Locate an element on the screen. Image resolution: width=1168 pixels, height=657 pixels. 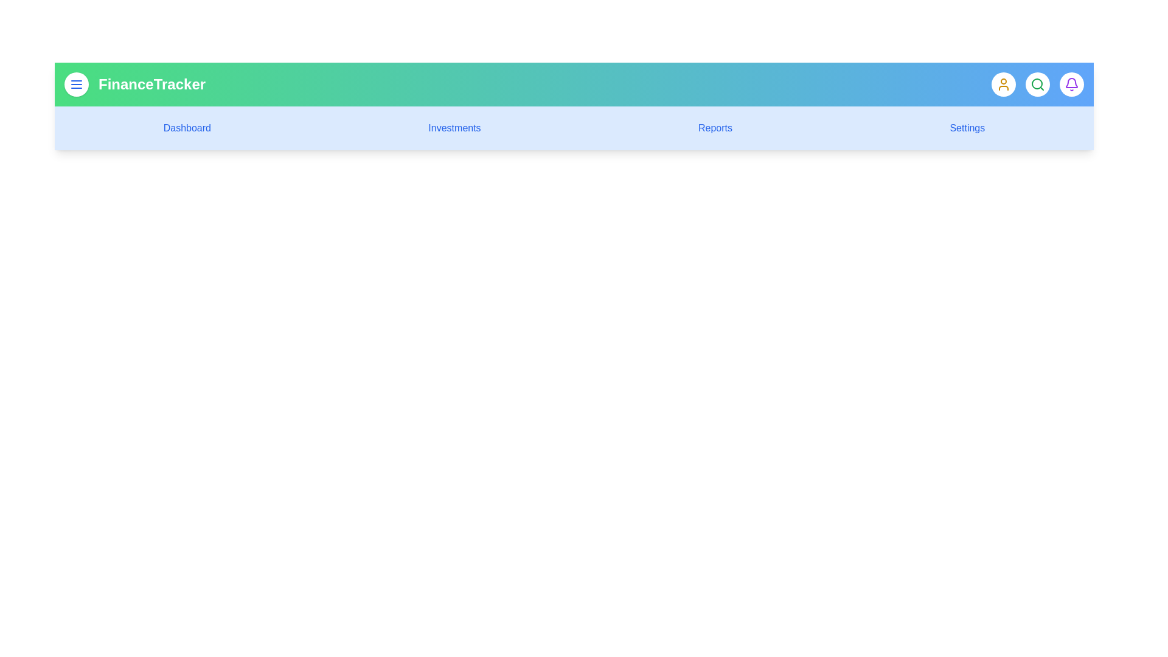
the menu link corresponding to Investments to navigate to that section is located at coordinates (454, 128).